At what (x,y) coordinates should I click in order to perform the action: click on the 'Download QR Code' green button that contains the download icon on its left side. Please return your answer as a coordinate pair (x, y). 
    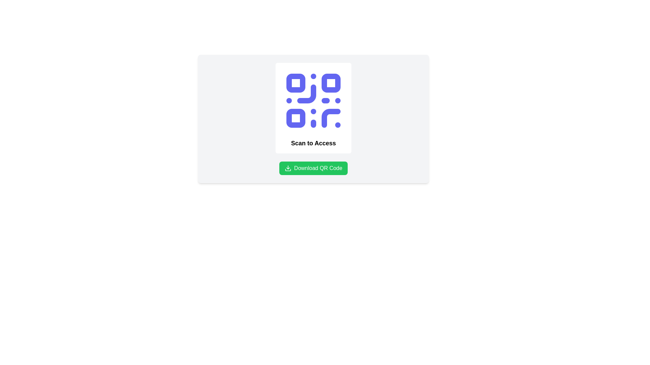
    Looking at the image, I should click on (288, 168).